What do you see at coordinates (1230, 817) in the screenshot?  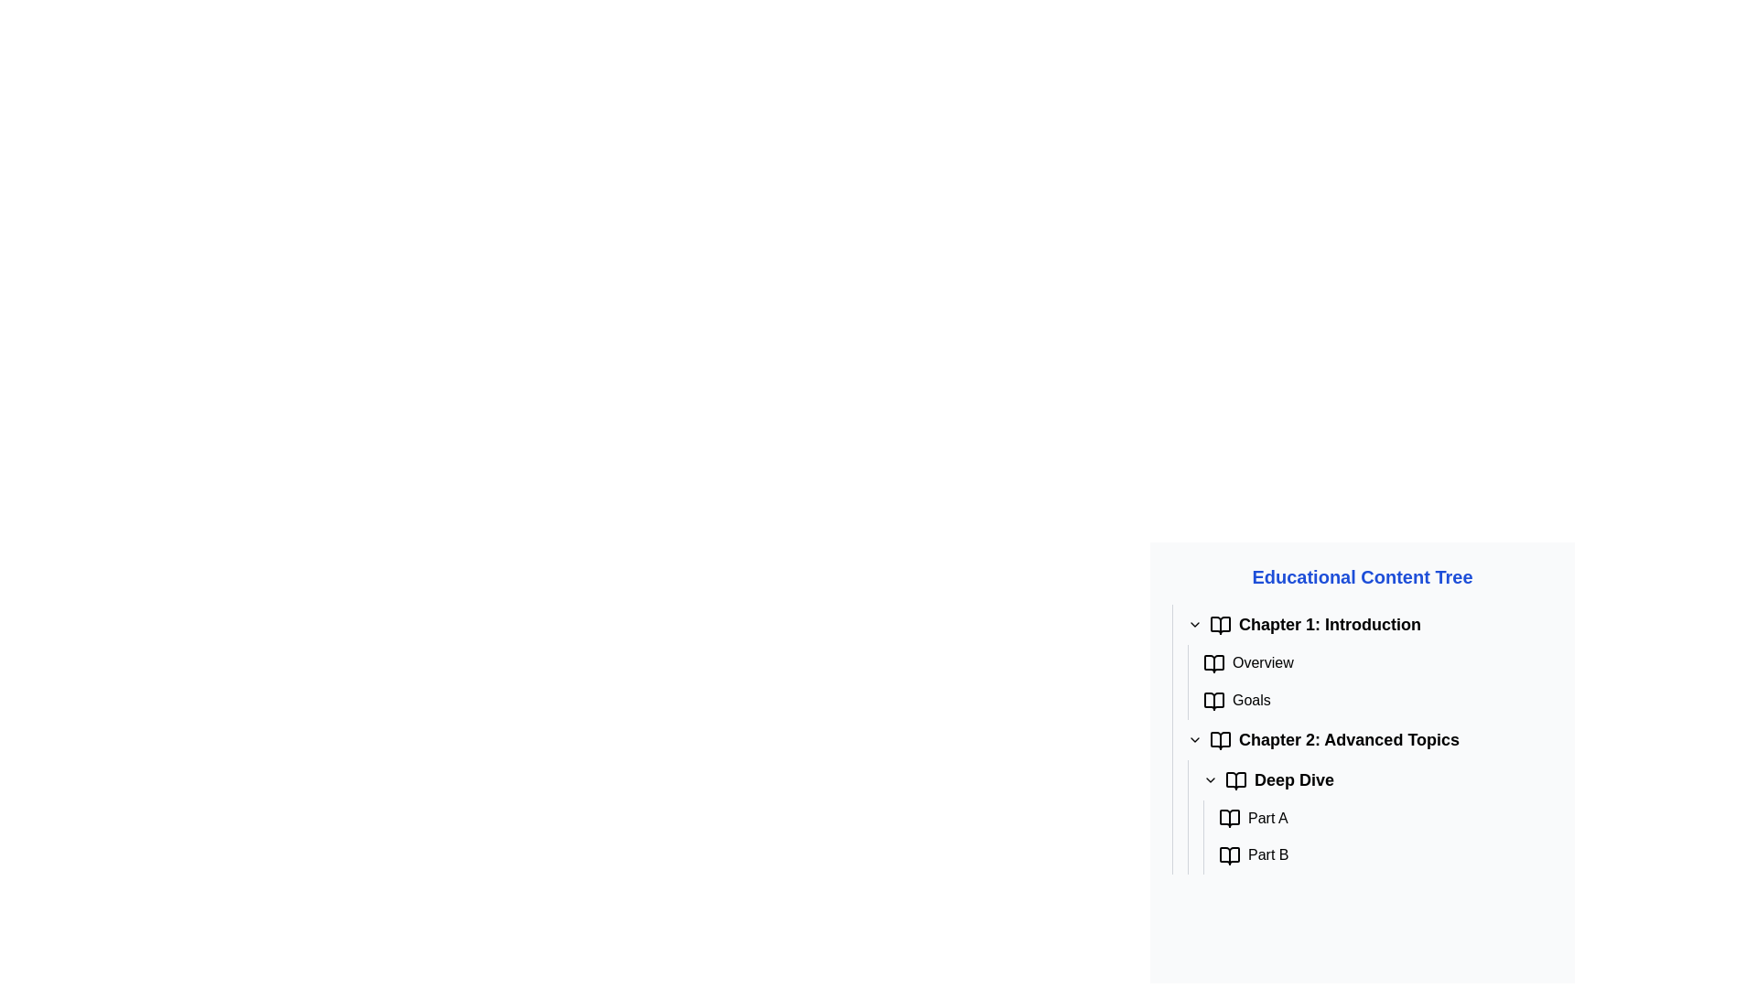 I see `the book icon styled in line art with a black stroke, located under the 'Deep Dive' subsection in 'Chapter 2: Advanced Topics'` at bounding box center [1230, 817].